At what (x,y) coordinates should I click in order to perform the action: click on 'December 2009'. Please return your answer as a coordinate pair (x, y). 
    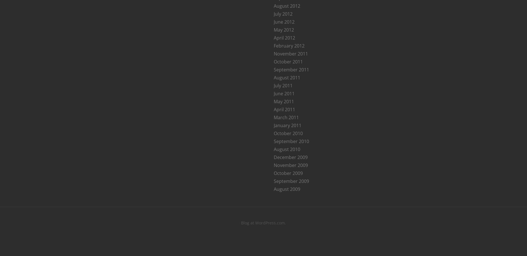
    Looking at the image, I should click on (290, 156).